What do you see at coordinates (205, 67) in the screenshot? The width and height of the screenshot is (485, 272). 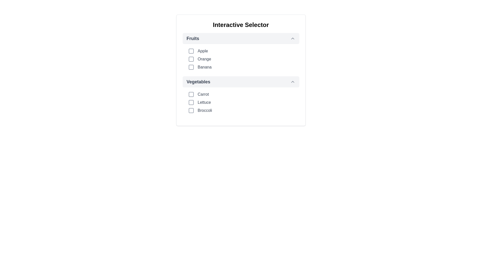 I see `the static text label that describes the option 'Banana' in the 'Fruits' section` at bounding box center [205, 67].